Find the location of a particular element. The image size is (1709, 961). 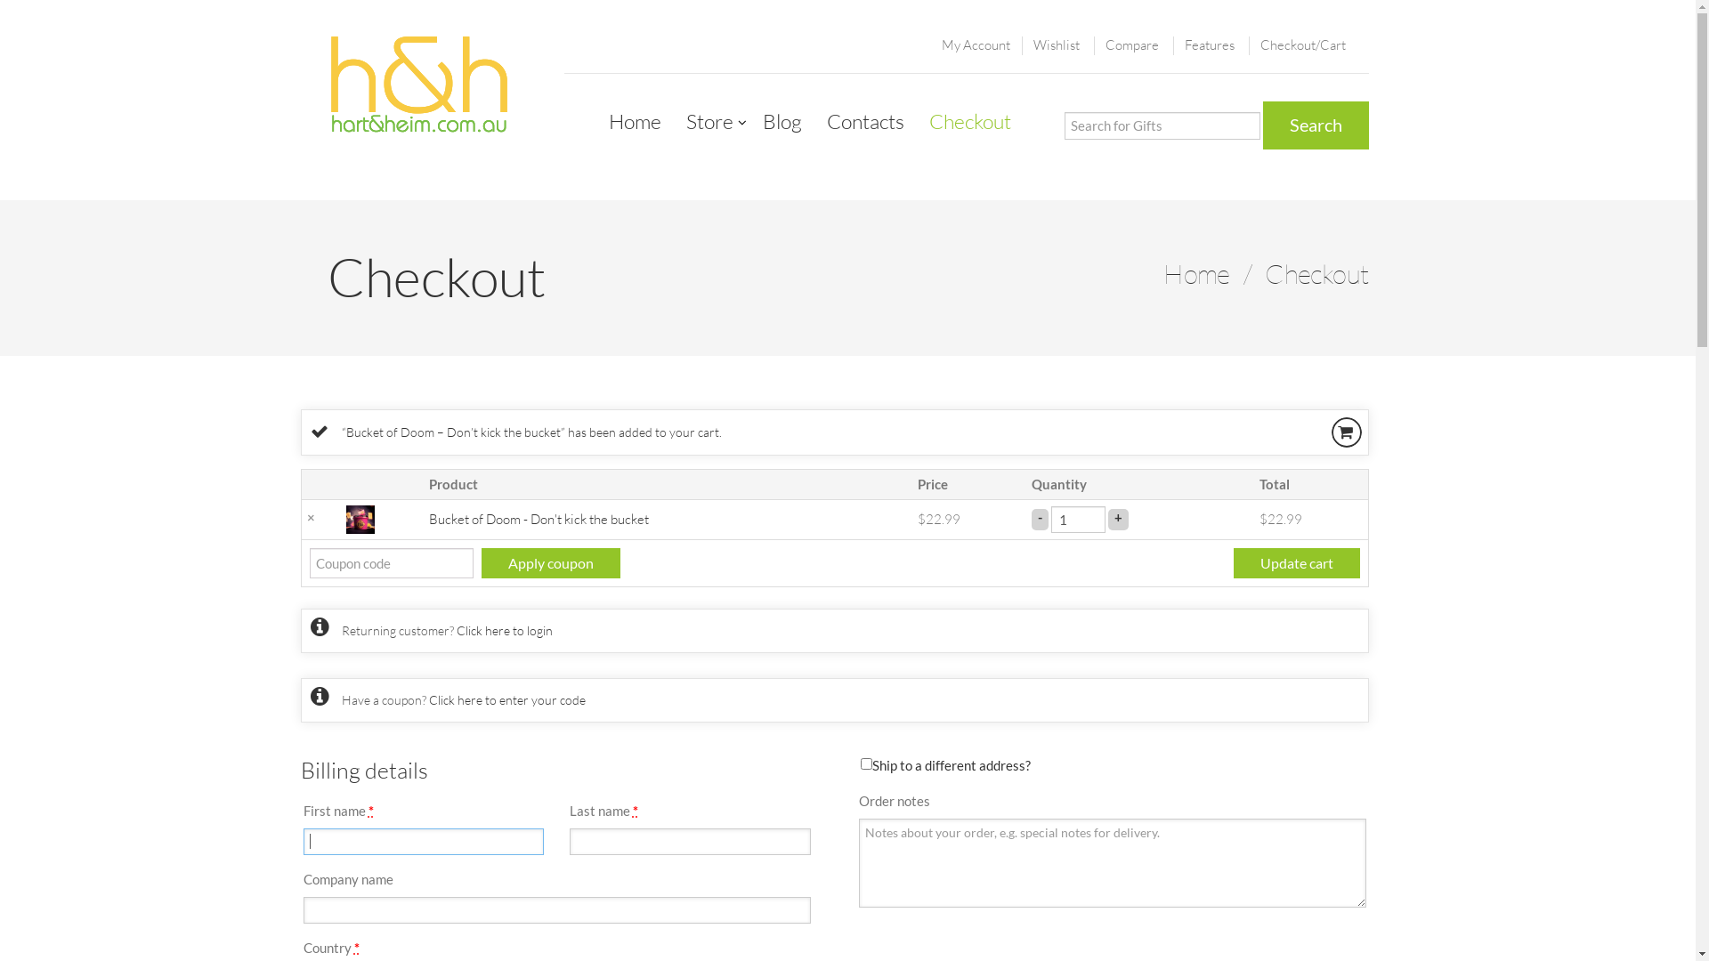

'Qty' is located at coordinates (1077, 518).